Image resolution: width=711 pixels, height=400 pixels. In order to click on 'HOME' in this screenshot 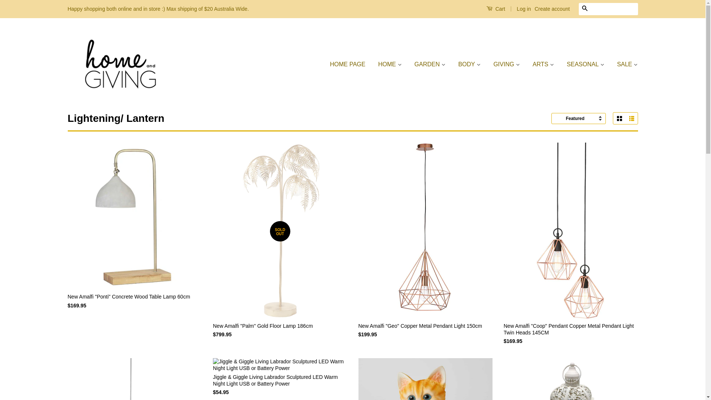, I will do `click(389, 64)`.